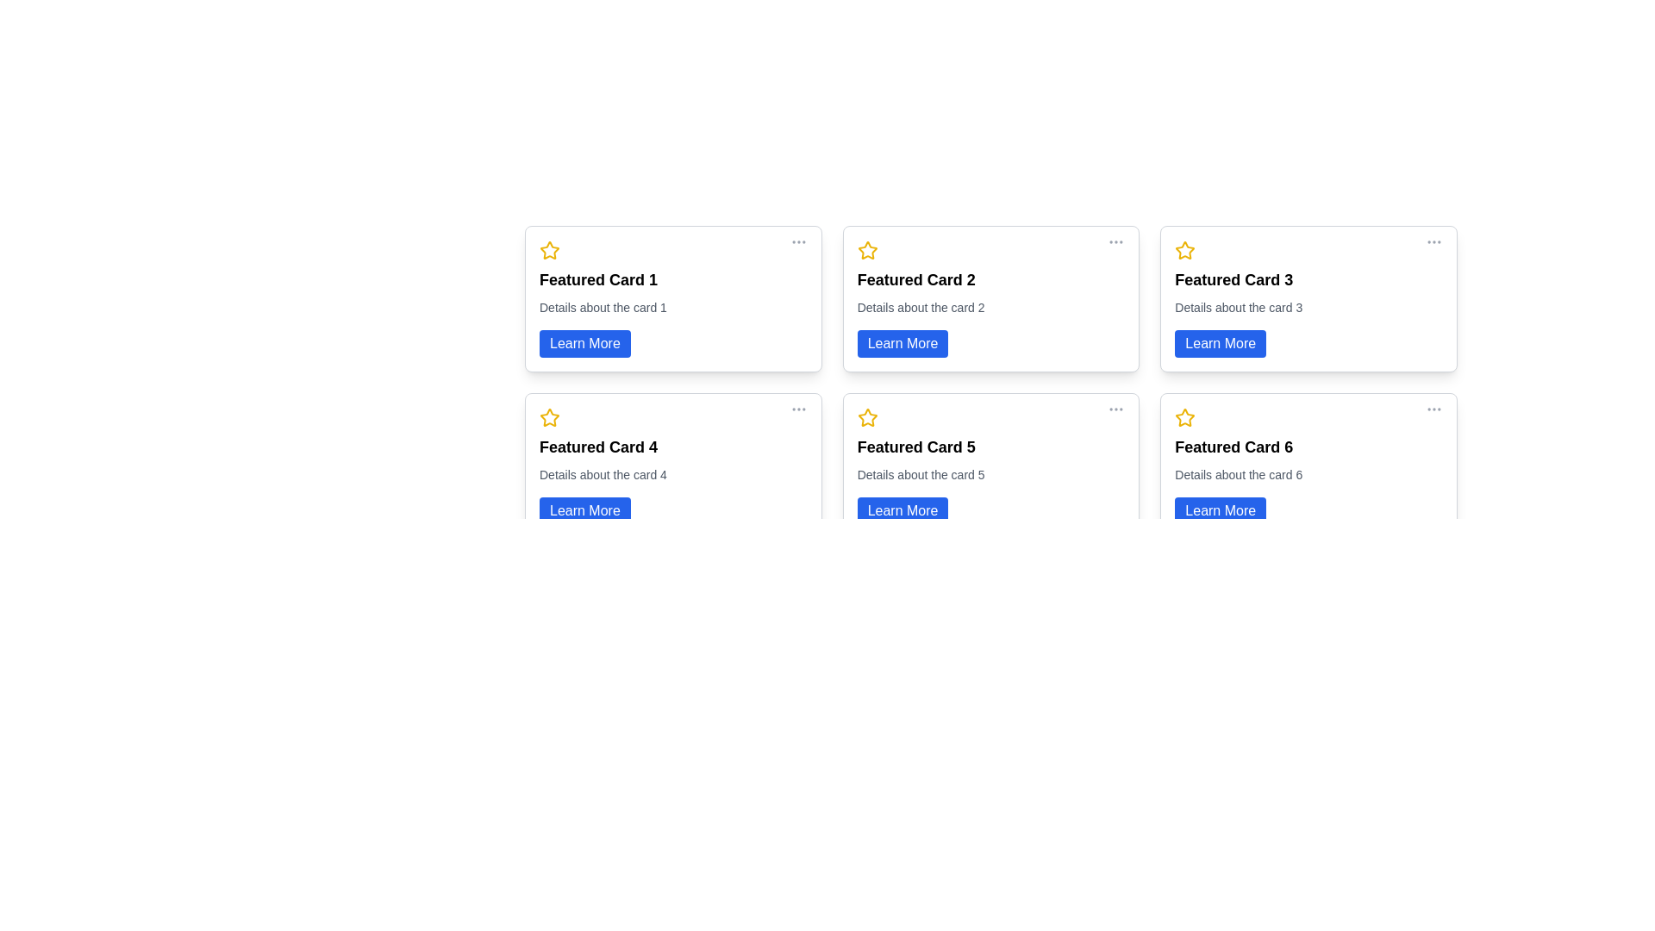 This screenshot has height=931, width=1655. I want to click on the button located at the bottom of 'Featured Card 3', so click(1220, 343).